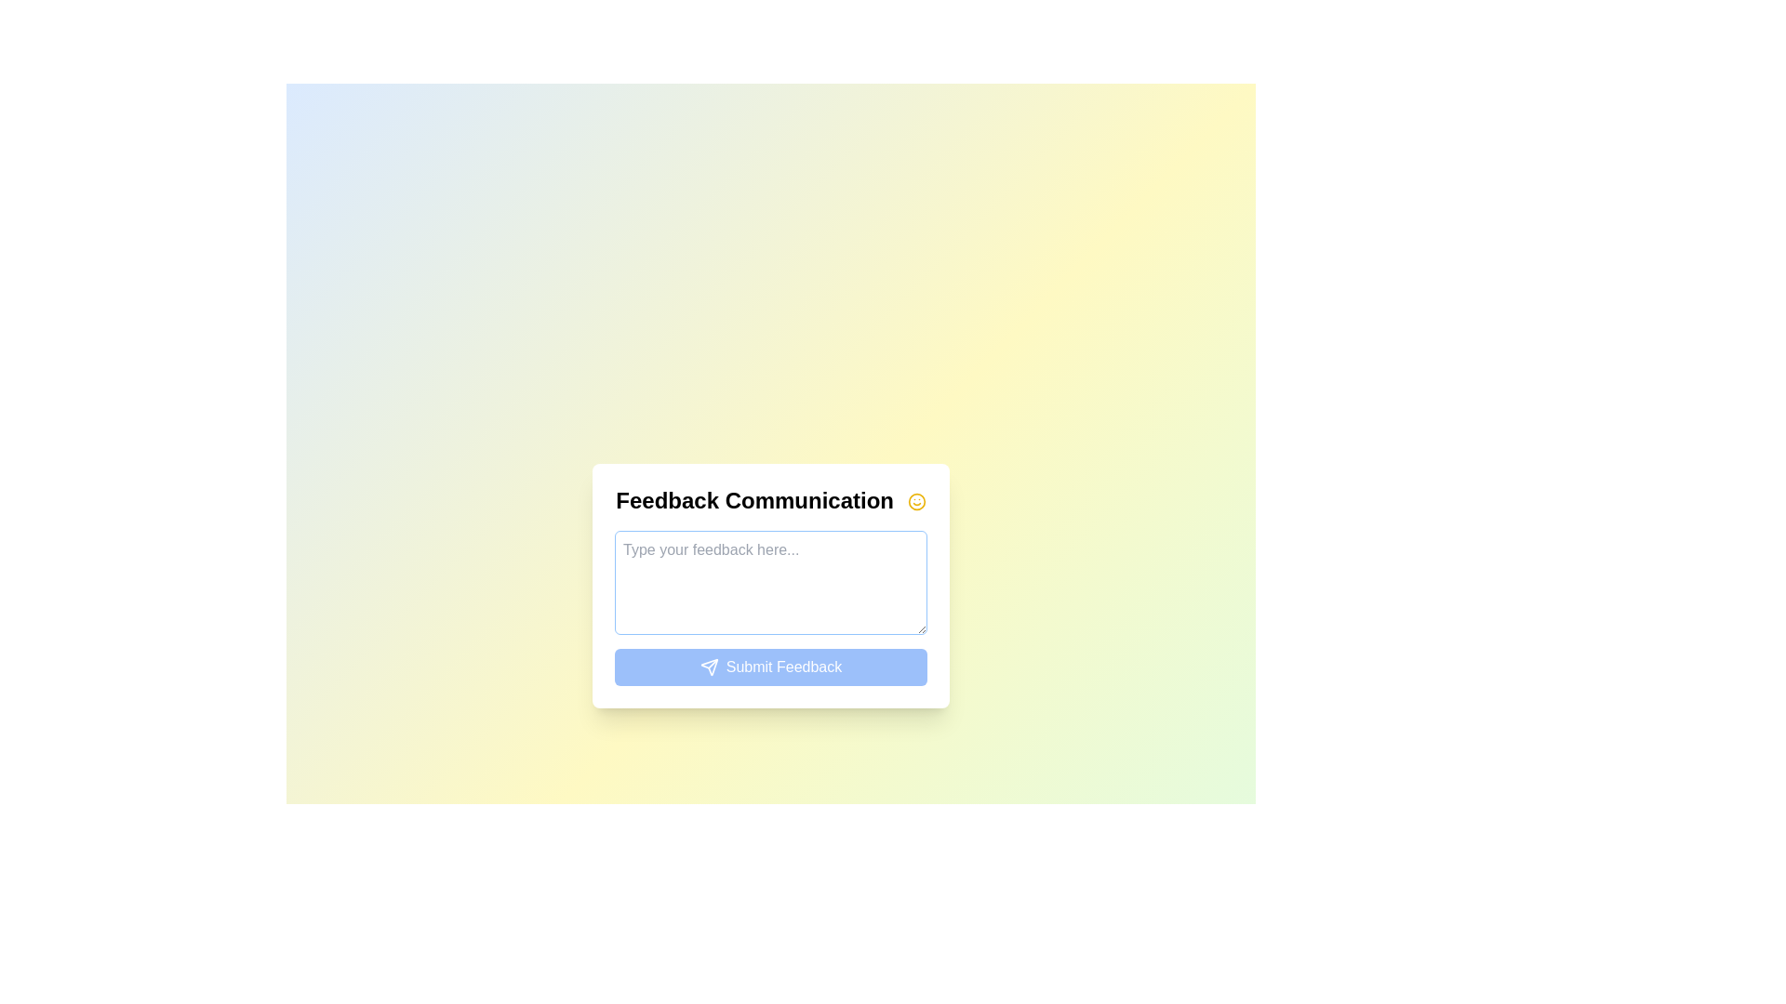 This screenshot has height=1004, width=1786. I want to click on the header text element with an accompanying icon located at the top of the feedback section card, so click(771, 498).